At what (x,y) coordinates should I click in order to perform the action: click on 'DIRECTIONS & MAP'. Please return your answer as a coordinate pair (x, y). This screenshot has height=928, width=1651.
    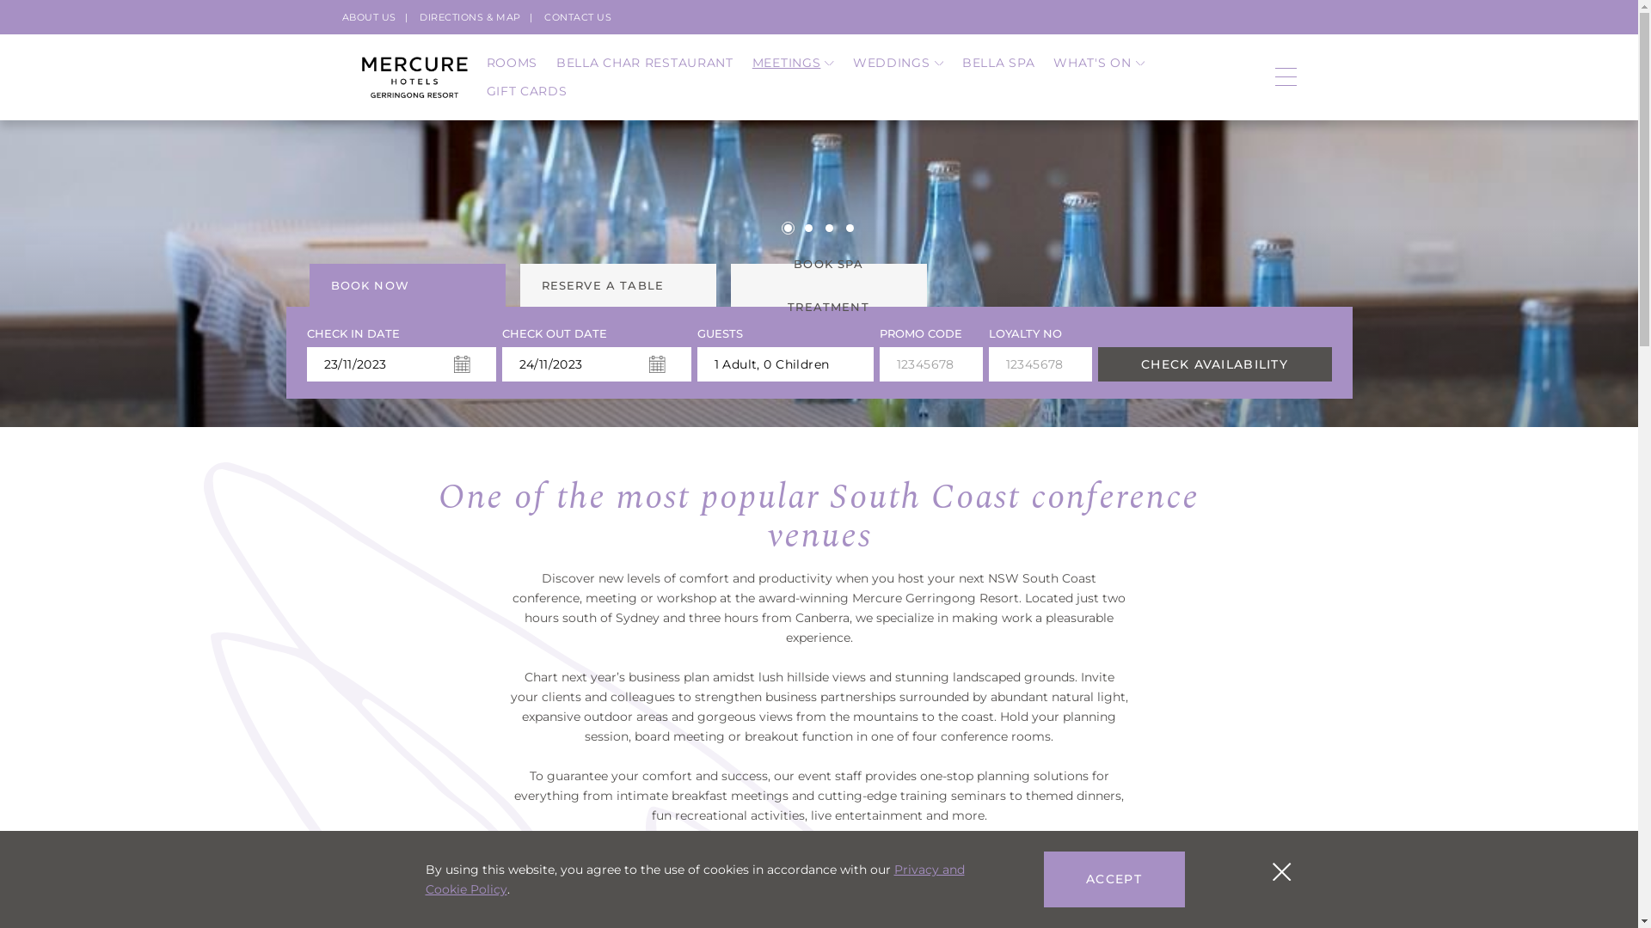
    Looking at the image, I should click on (470, 16).